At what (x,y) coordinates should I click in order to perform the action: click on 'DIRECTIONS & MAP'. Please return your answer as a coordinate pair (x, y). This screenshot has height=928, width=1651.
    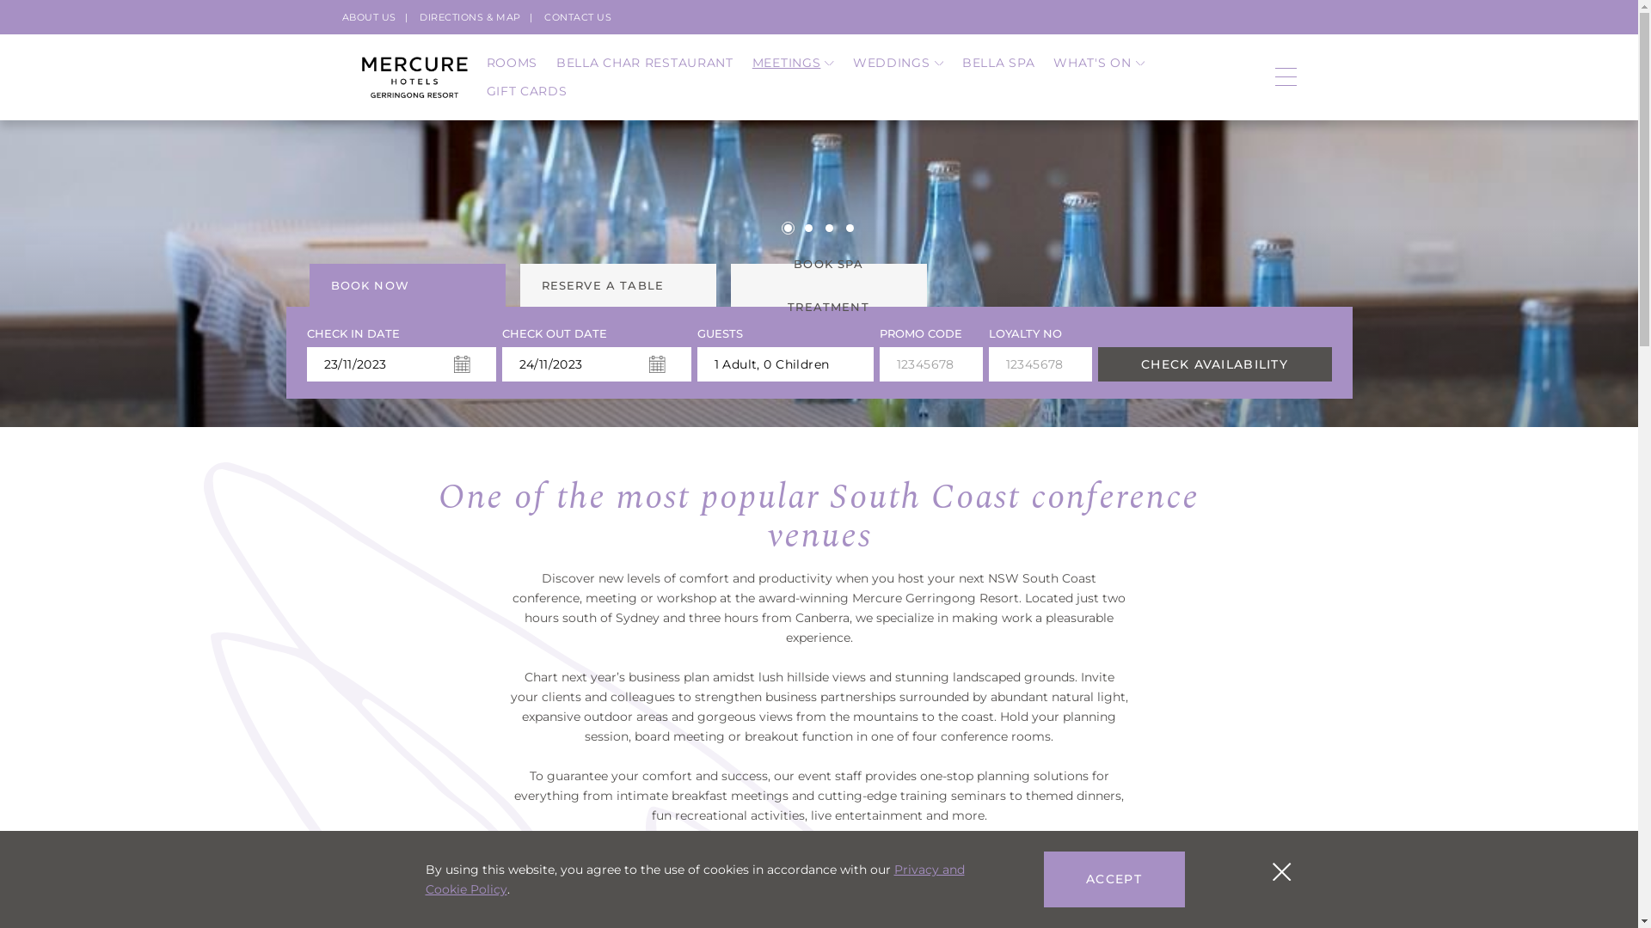
    Looking at the image, I should click on (470, 16).